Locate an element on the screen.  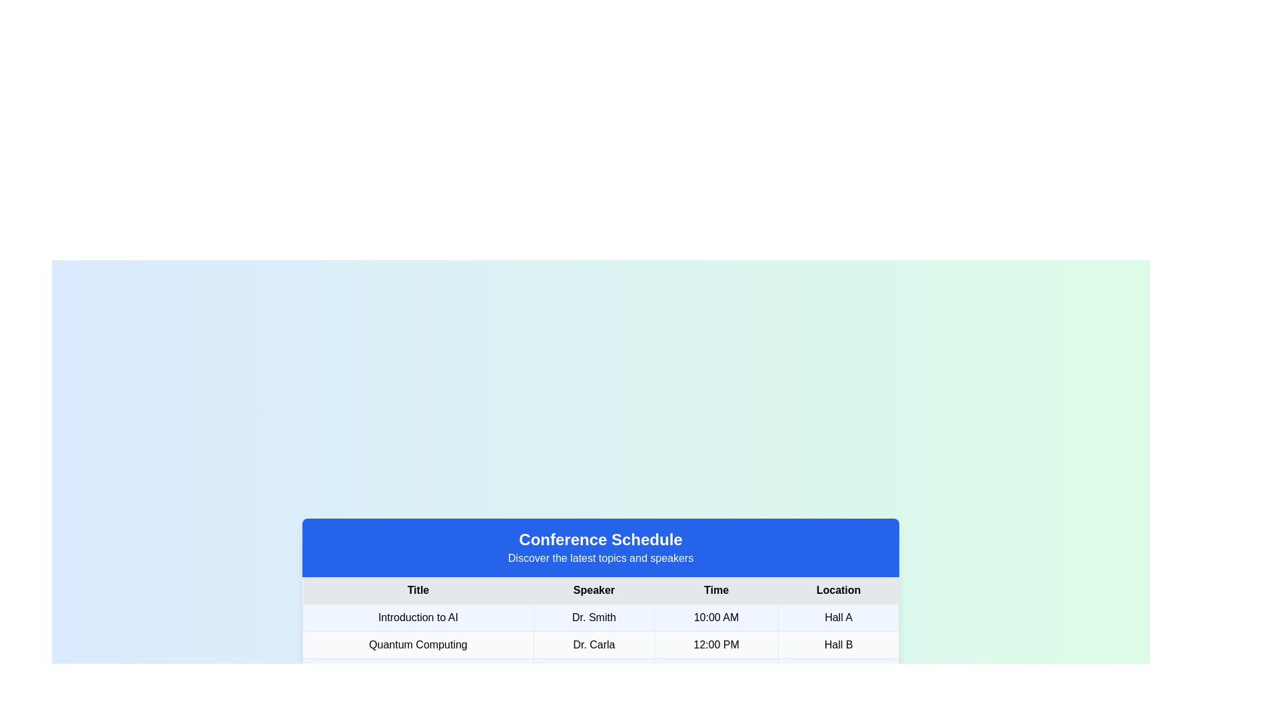
text from the second row of the conference schedule table, which displays details about a particular conference session is located at coordinates (600, 644).